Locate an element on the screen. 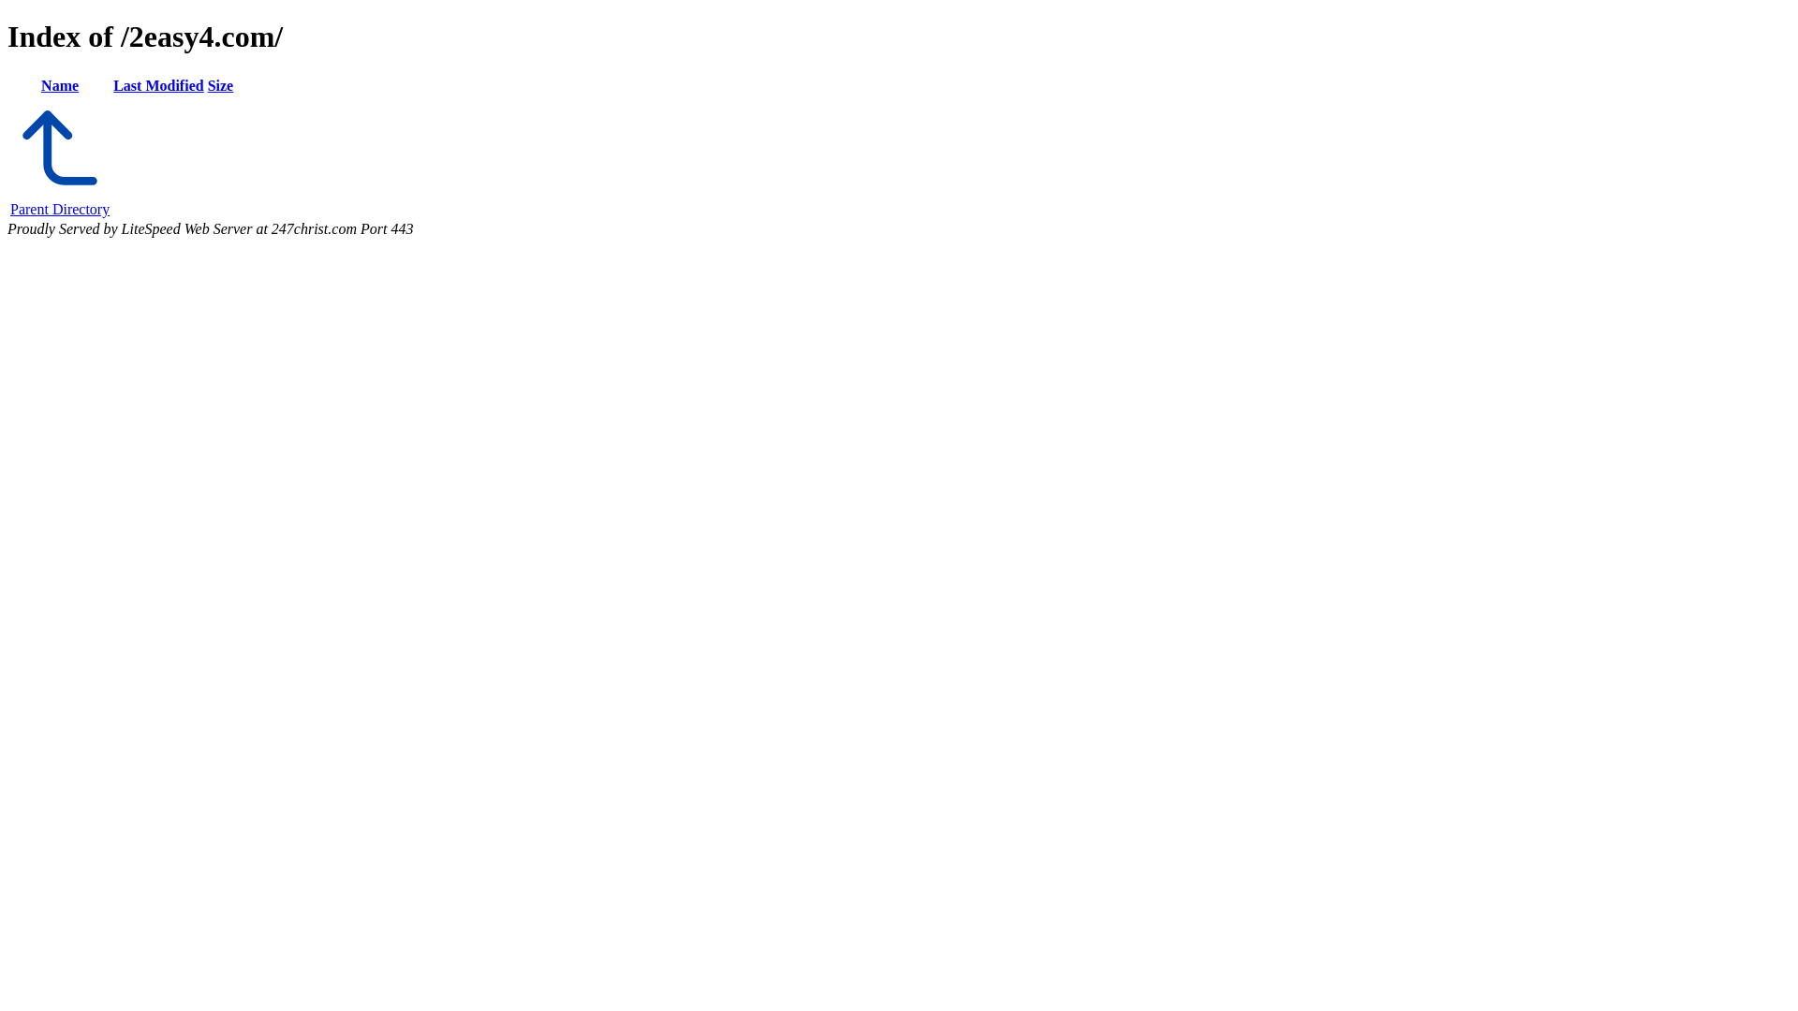  'Last Modified' is located at coordinates (157, 85).